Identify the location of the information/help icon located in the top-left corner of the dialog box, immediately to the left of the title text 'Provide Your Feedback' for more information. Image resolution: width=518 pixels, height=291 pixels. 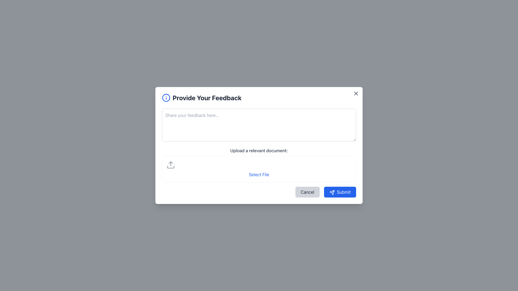
(166, 98).